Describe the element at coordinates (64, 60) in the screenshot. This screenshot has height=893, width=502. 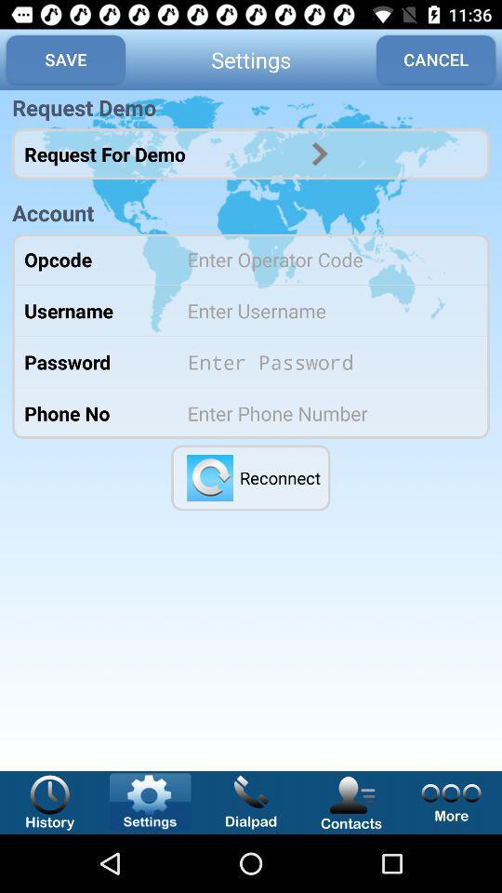
I see `save` at that location.